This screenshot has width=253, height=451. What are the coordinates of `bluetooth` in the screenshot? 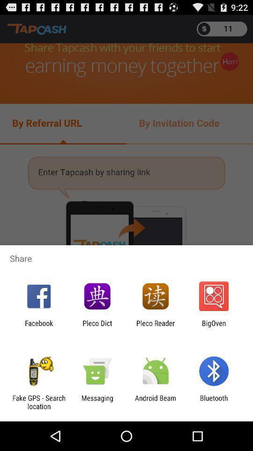 It's located at (214, 402).